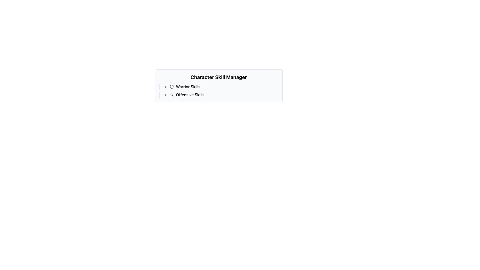 The width and height of the screenshot is (480, 270). Describe the element at coordinates (218, 94) in the screenshot. I see `the 'Offensive Skills' list item in the Character Skill Manager` at that location.